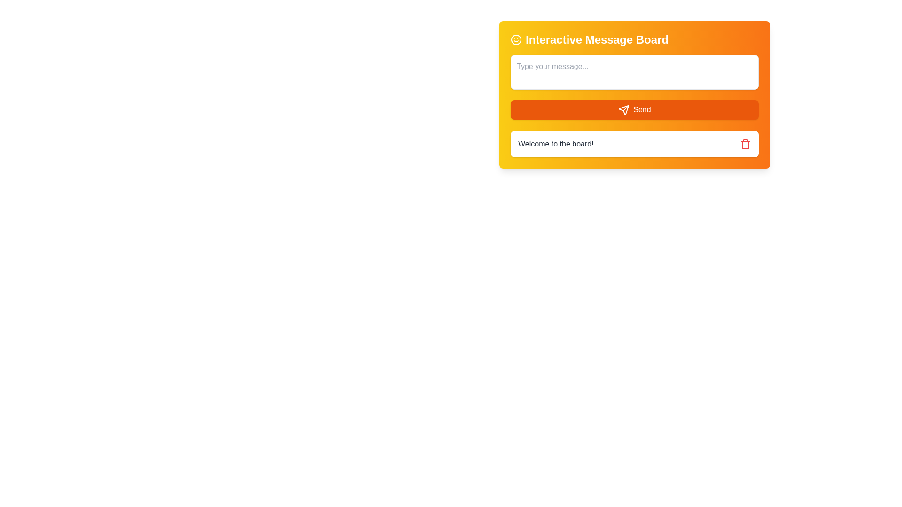  I want to click on the Text label that displays the title or header of the 'Interactive Message Board' interface, located in the top-left corner next to a small smiley icon, so click(597, 39).